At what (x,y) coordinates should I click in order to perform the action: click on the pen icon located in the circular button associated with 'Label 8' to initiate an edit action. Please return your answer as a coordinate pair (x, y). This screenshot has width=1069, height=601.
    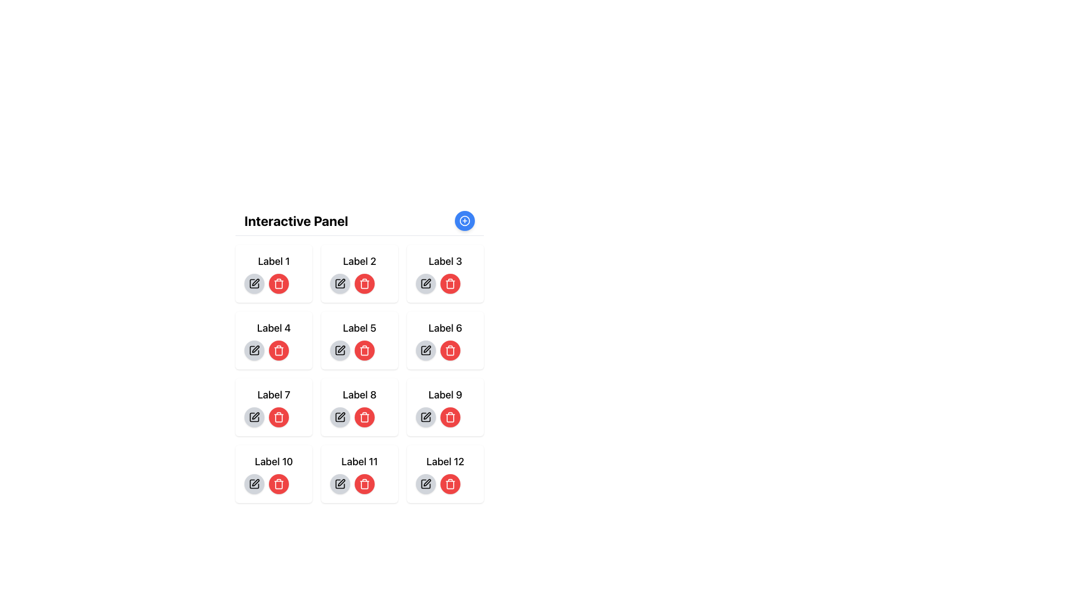
    Looking at the image, I should click on (339, 417).